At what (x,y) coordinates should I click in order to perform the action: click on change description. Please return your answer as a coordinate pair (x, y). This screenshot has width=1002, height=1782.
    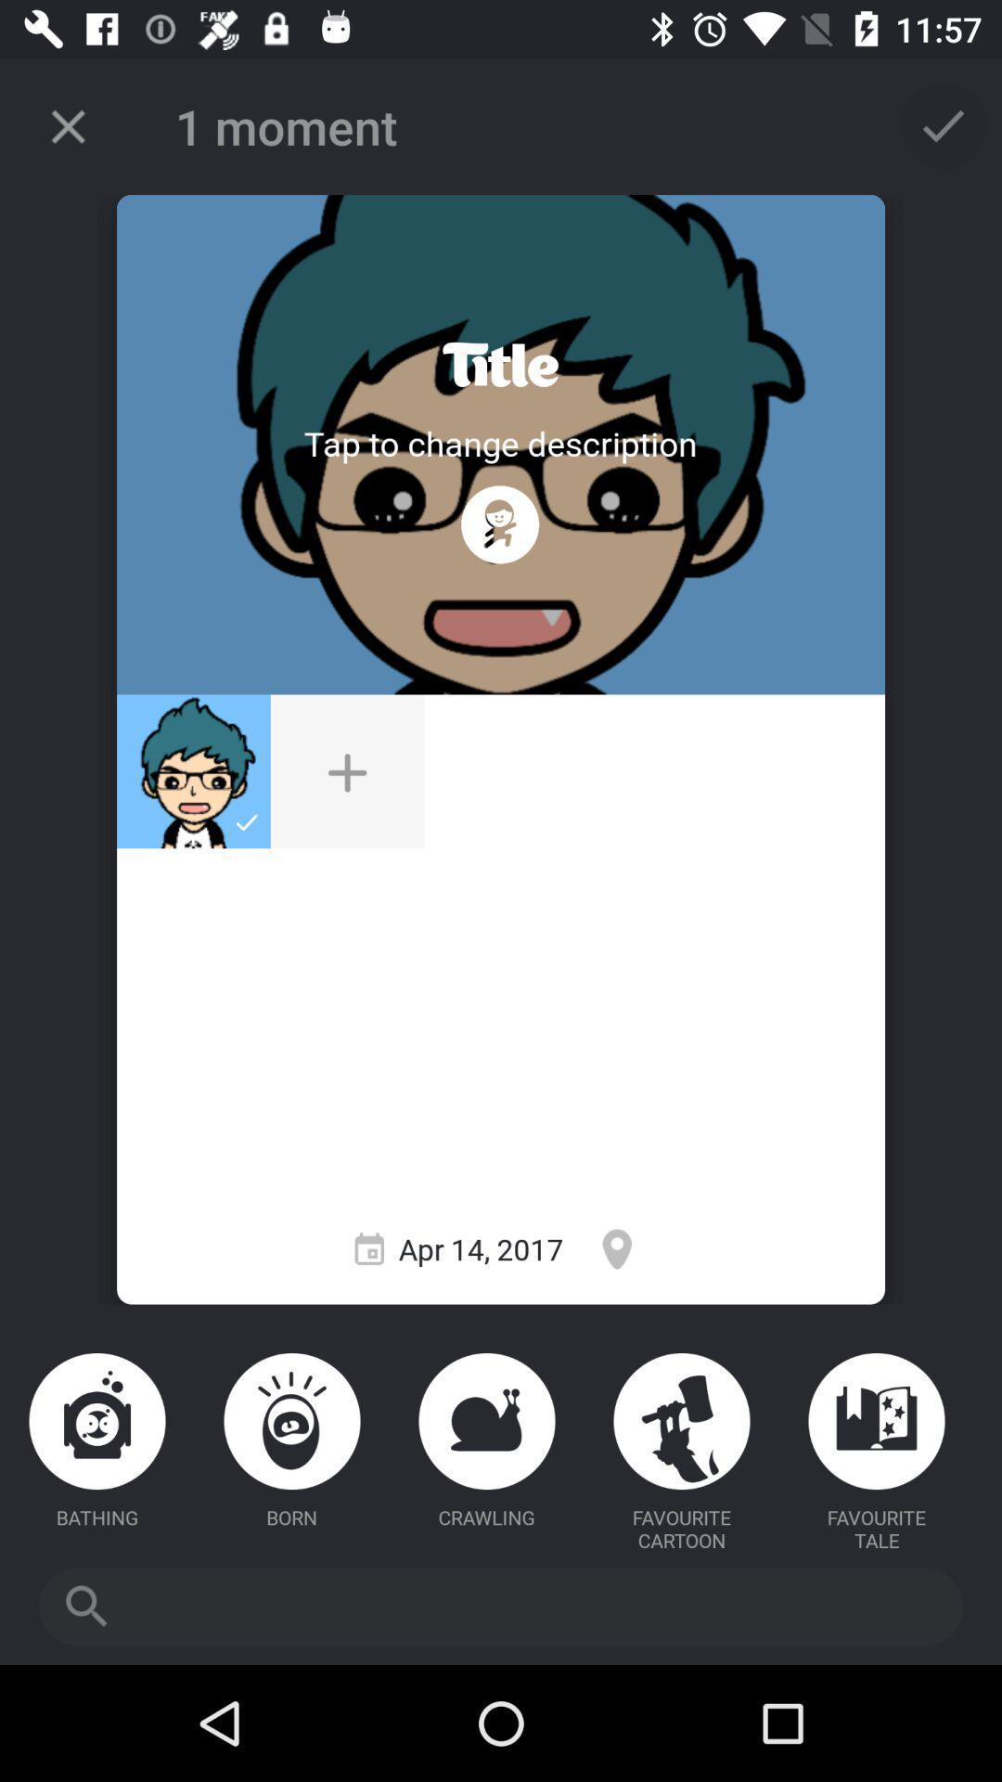
    Looking at the image, I should click on (499, 442).